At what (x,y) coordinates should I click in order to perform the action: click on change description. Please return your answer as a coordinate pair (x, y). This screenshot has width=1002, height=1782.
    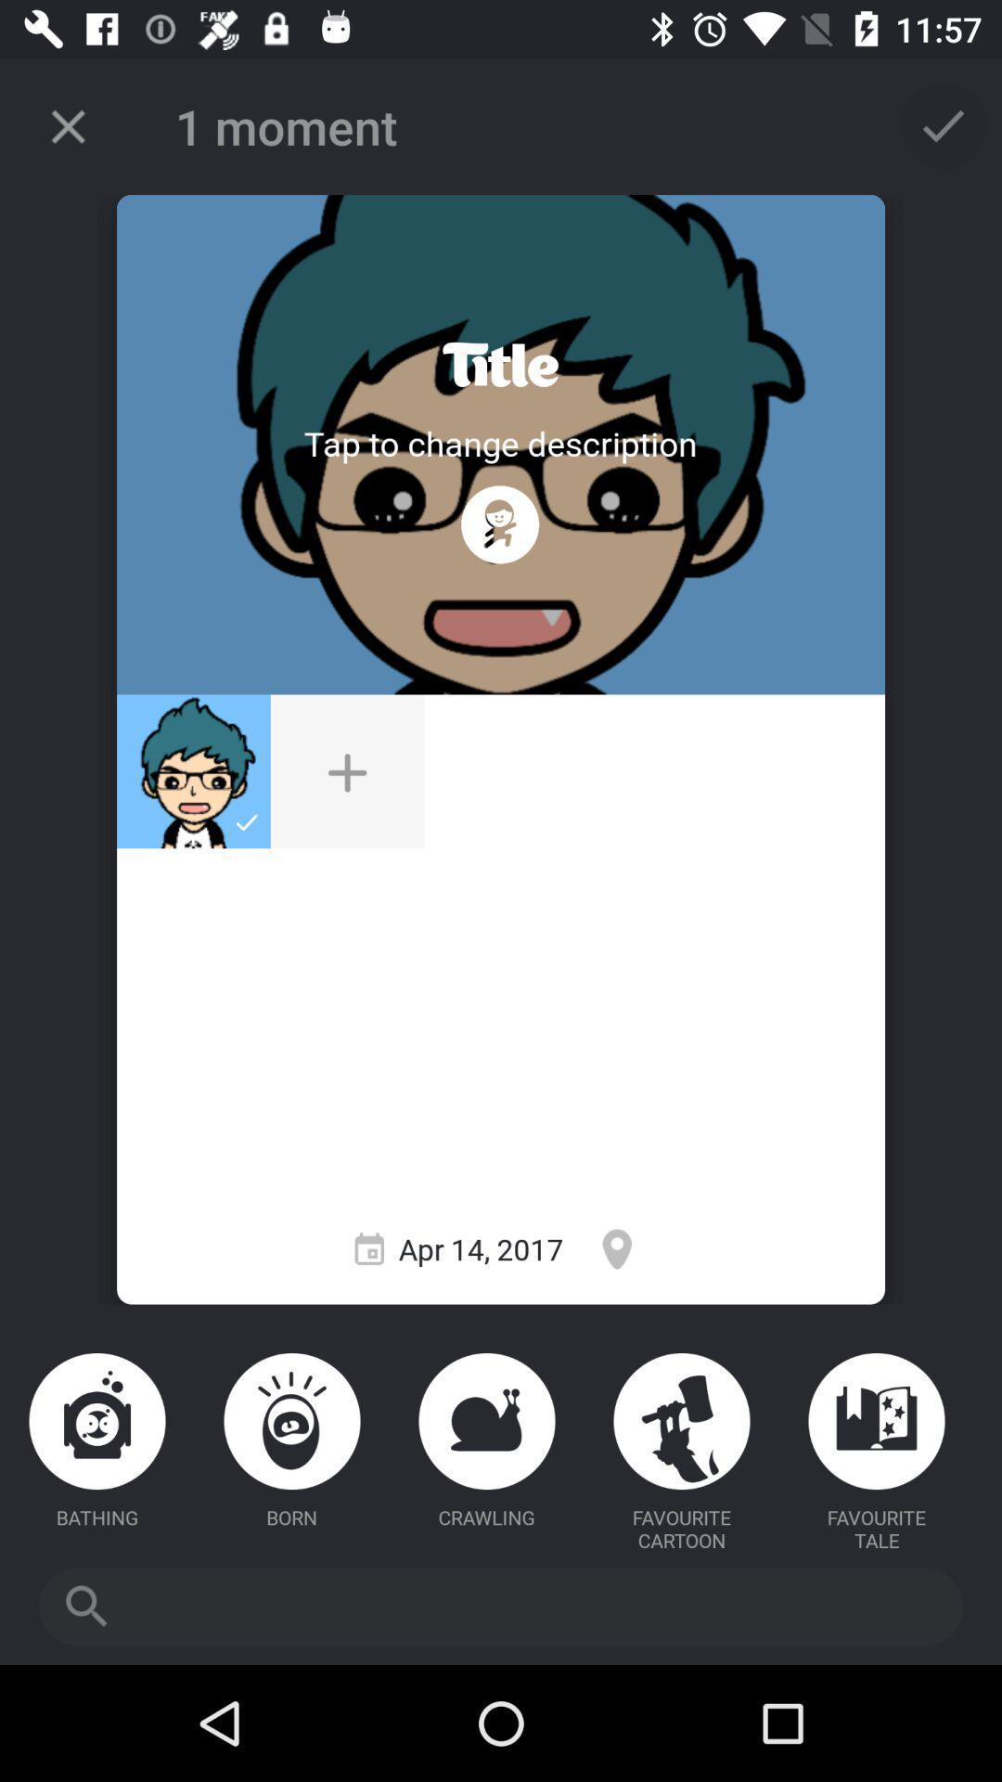
    Looking at the image, I should click on (499, 442).